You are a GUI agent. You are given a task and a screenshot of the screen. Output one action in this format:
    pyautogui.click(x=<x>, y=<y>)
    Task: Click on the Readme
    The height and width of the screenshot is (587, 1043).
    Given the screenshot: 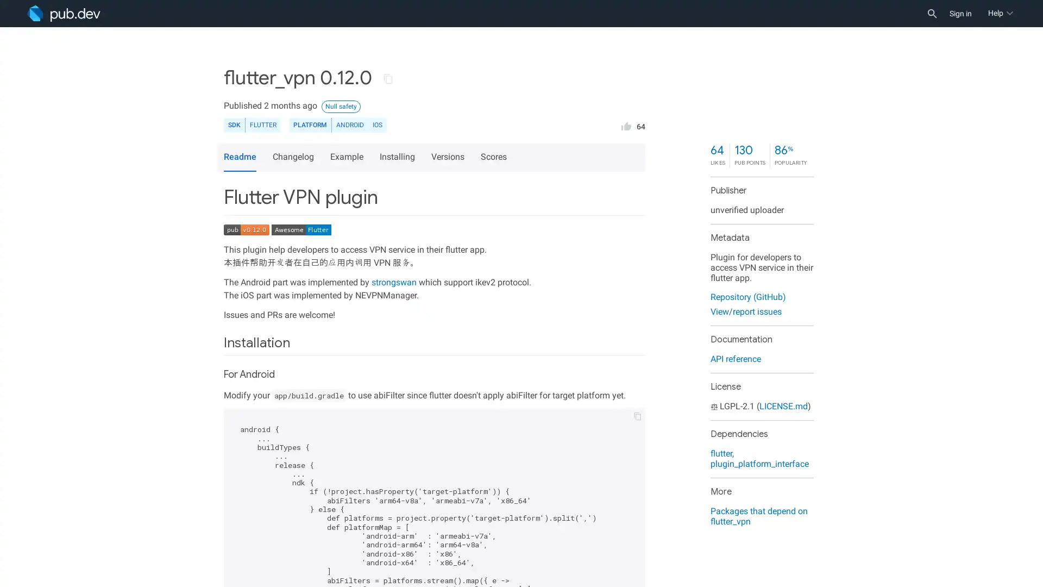 What is the action you would take?
    pyautogui.click(x=239, y=157)
    